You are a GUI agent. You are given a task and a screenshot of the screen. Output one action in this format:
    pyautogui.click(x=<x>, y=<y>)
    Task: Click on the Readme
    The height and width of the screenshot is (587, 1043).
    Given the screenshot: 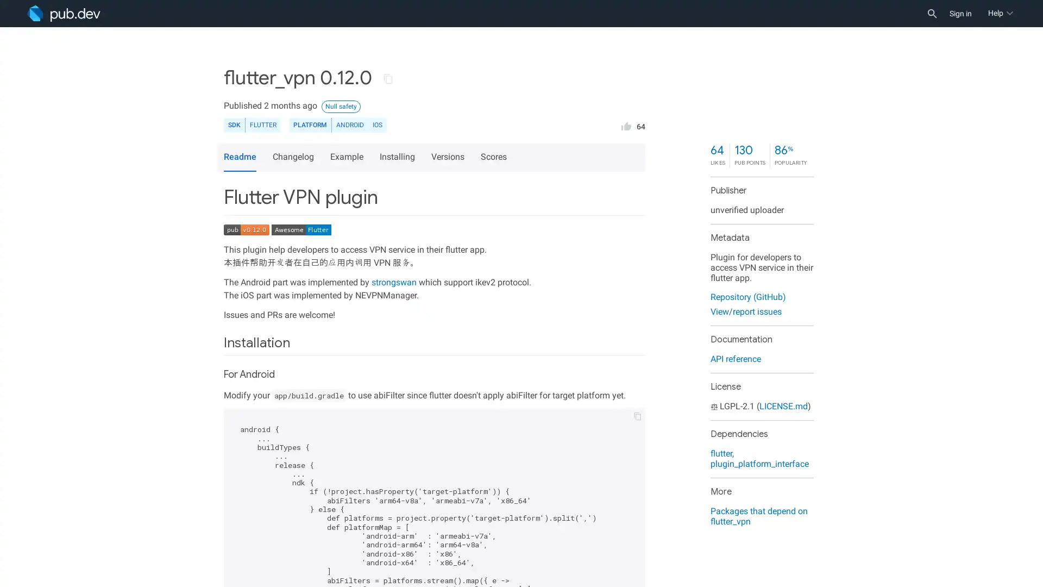 What is the action you would take?
    pyautogui.click(x=239, y=157)
    